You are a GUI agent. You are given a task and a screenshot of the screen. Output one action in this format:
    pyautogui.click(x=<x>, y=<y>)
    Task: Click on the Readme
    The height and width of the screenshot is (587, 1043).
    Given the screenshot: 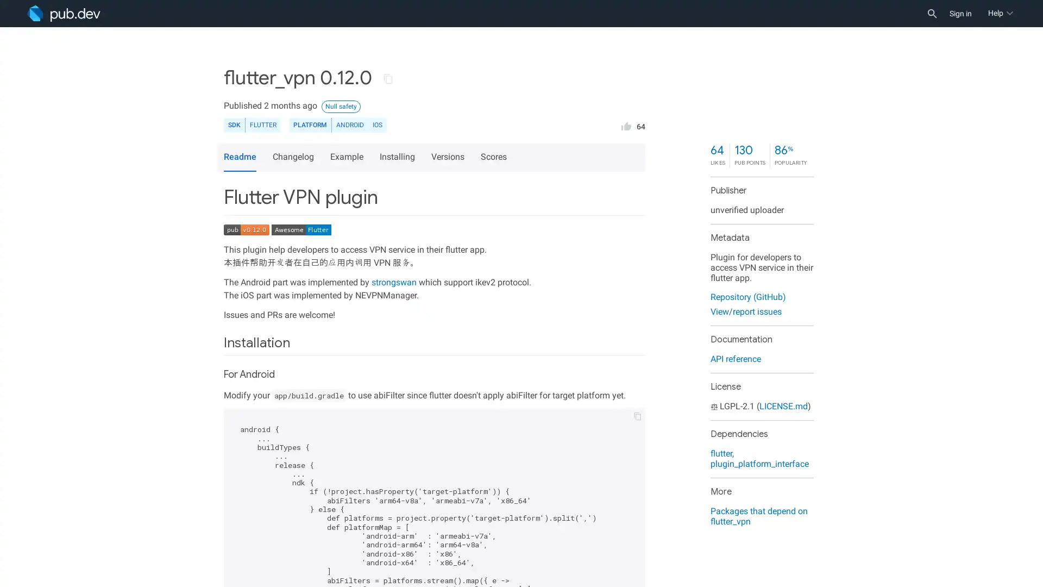 What is the action you would take?
    pyautogui.click(x=239, y=157)
    